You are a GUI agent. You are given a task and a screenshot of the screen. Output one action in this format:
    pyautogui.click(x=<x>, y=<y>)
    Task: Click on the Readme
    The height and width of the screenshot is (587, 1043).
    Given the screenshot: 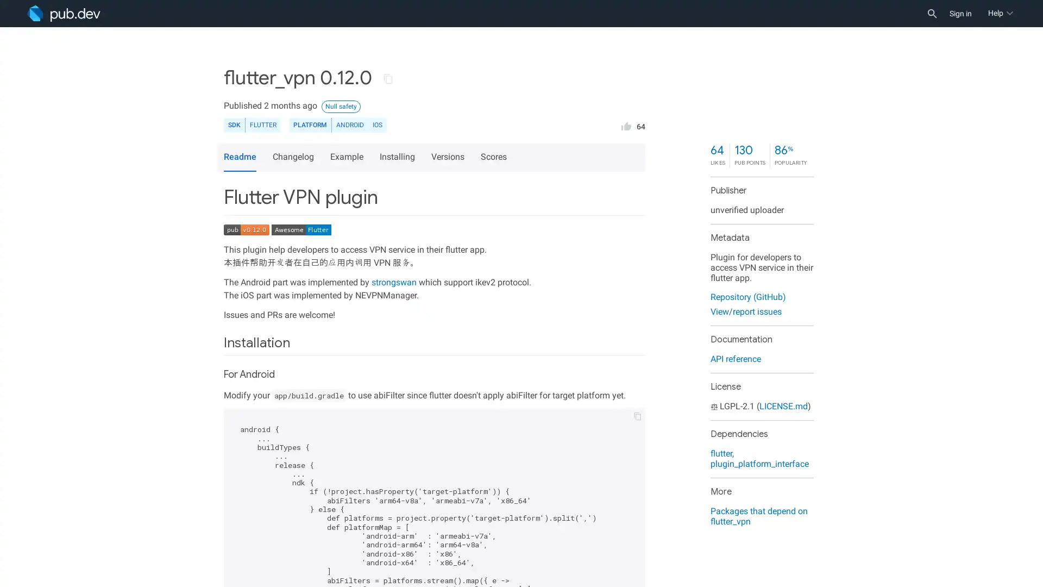 What is the action you would take?
    pyautogui.click(x=239, y=157)
    